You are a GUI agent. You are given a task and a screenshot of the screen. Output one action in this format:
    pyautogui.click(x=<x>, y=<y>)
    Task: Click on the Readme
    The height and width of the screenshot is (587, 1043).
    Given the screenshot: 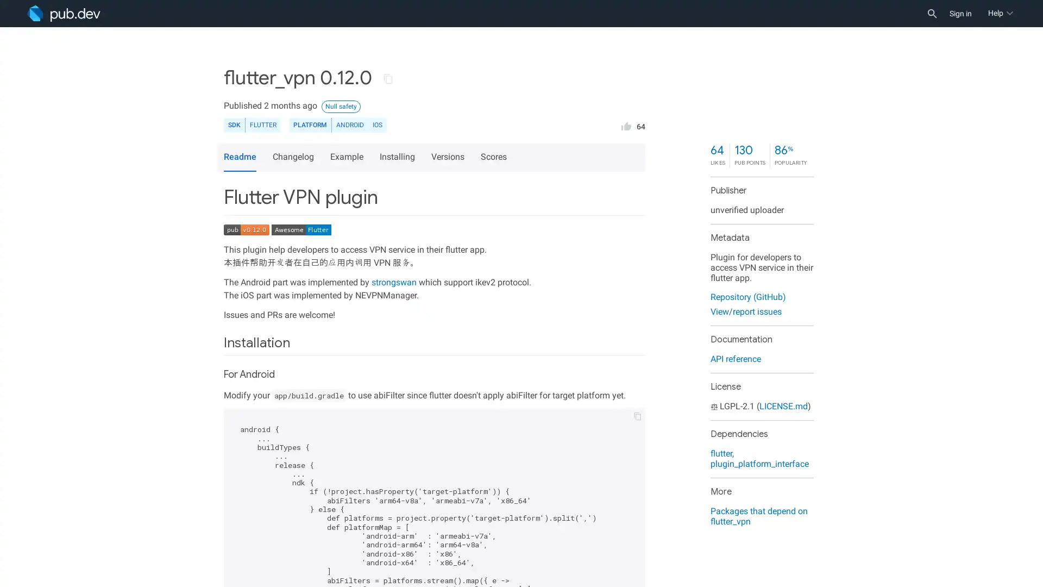 What is the action you would take?
    pyautogui.click(x=239, y=157)
    